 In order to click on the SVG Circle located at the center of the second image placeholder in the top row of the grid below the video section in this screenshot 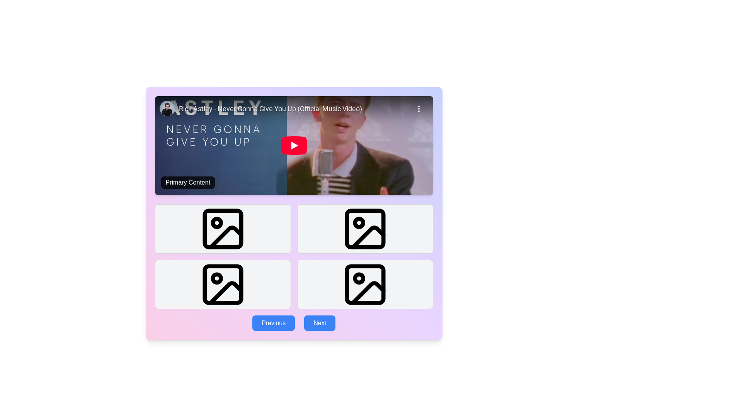, I will do `click(358, 223)`.